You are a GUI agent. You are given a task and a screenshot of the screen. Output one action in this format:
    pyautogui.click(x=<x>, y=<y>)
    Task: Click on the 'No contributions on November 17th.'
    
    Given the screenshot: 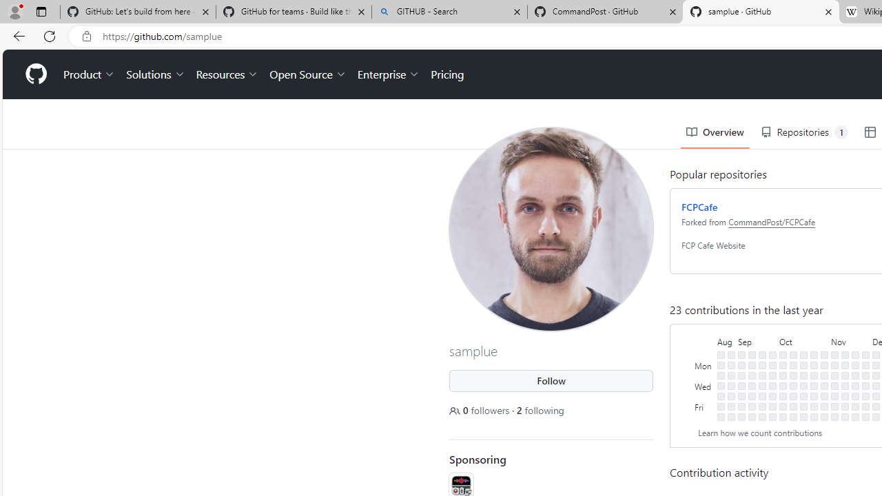 What is the action you would take?
    pyautogui.click(x=844, y=406)
    